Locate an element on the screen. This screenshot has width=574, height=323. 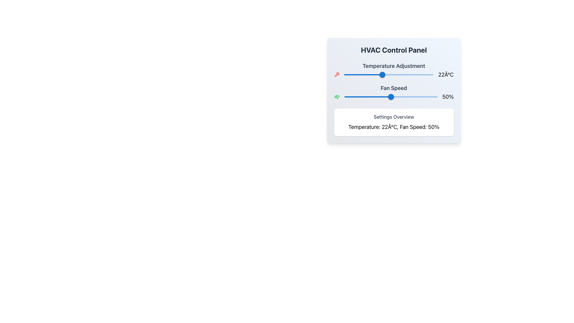
the fan speed is located at coordinates (378, 97).